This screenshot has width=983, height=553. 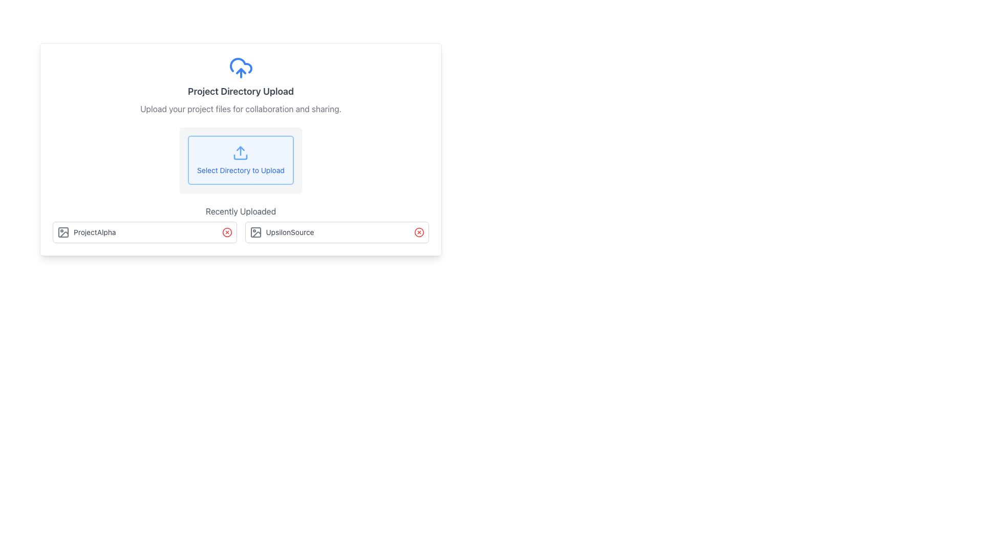 I want to click on the graphical representation within the image-related icon in the 'UpsilonSource' entry's icon column located in the recently uploaded files section, so click(x=255, y=232).